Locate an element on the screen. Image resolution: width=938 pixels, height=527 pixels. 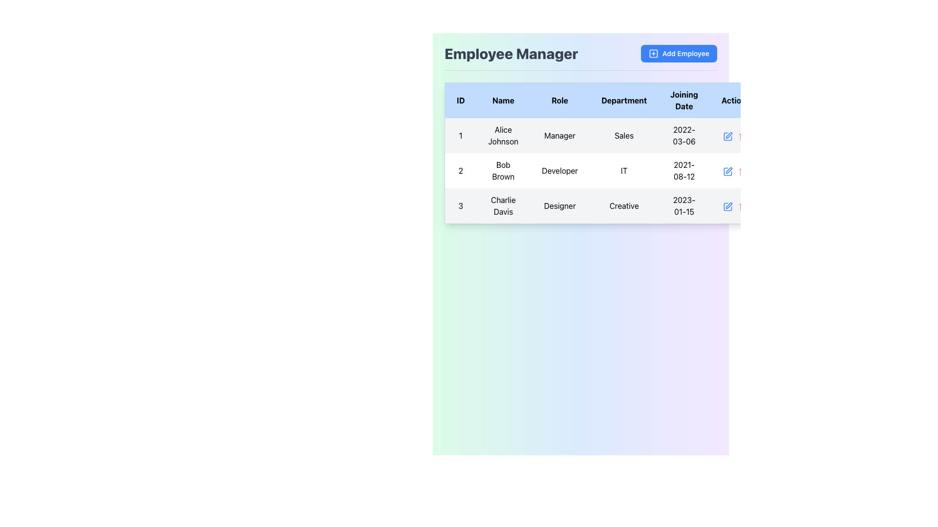
the static text element displaying the number '3' in black, located in the first column of the table in the row for 'Charlie Davis.' is located at coordinates (460, 205).